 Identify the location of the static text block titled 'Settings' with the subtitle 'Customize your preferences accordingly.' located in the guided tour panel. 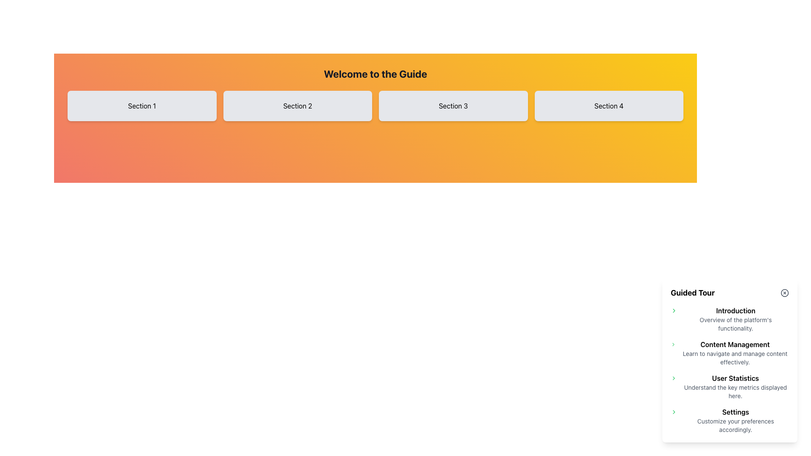
(735, 420).